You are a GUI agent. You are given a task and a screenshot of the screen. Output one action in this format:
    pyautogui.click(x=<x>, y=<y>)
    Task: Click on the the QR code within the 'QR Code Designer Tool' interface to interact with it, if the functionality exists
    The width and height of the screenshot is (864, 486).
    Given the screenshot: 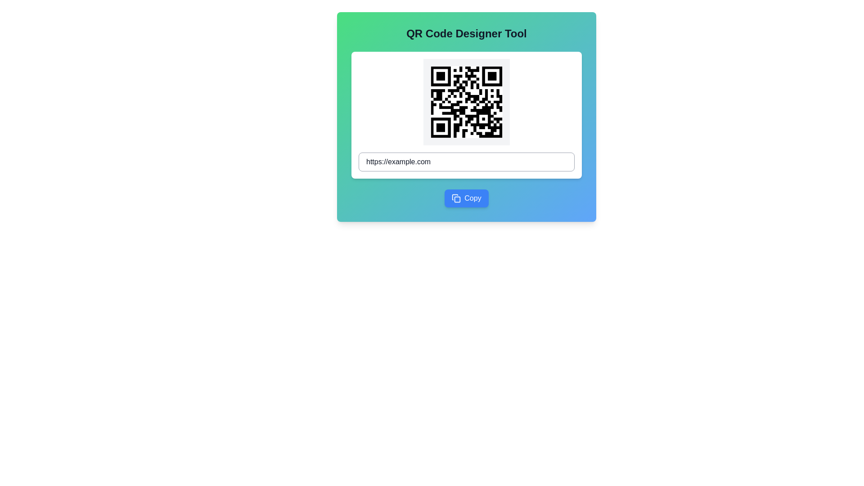 What is the action you would take?
    pyautogui.click(x=466, y=114)
    